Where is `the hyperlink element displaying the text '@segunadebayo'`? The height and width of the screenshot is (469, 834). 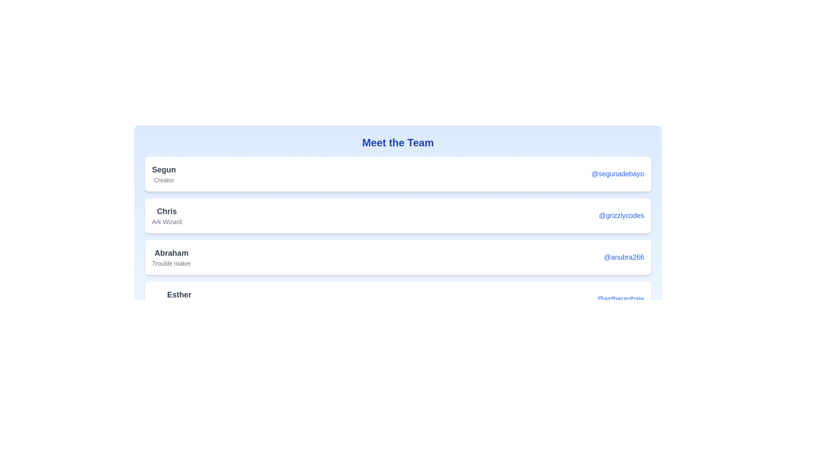
the hyperlink element displaying the text '@segunadebayo' is located at coordinates (617, 174).